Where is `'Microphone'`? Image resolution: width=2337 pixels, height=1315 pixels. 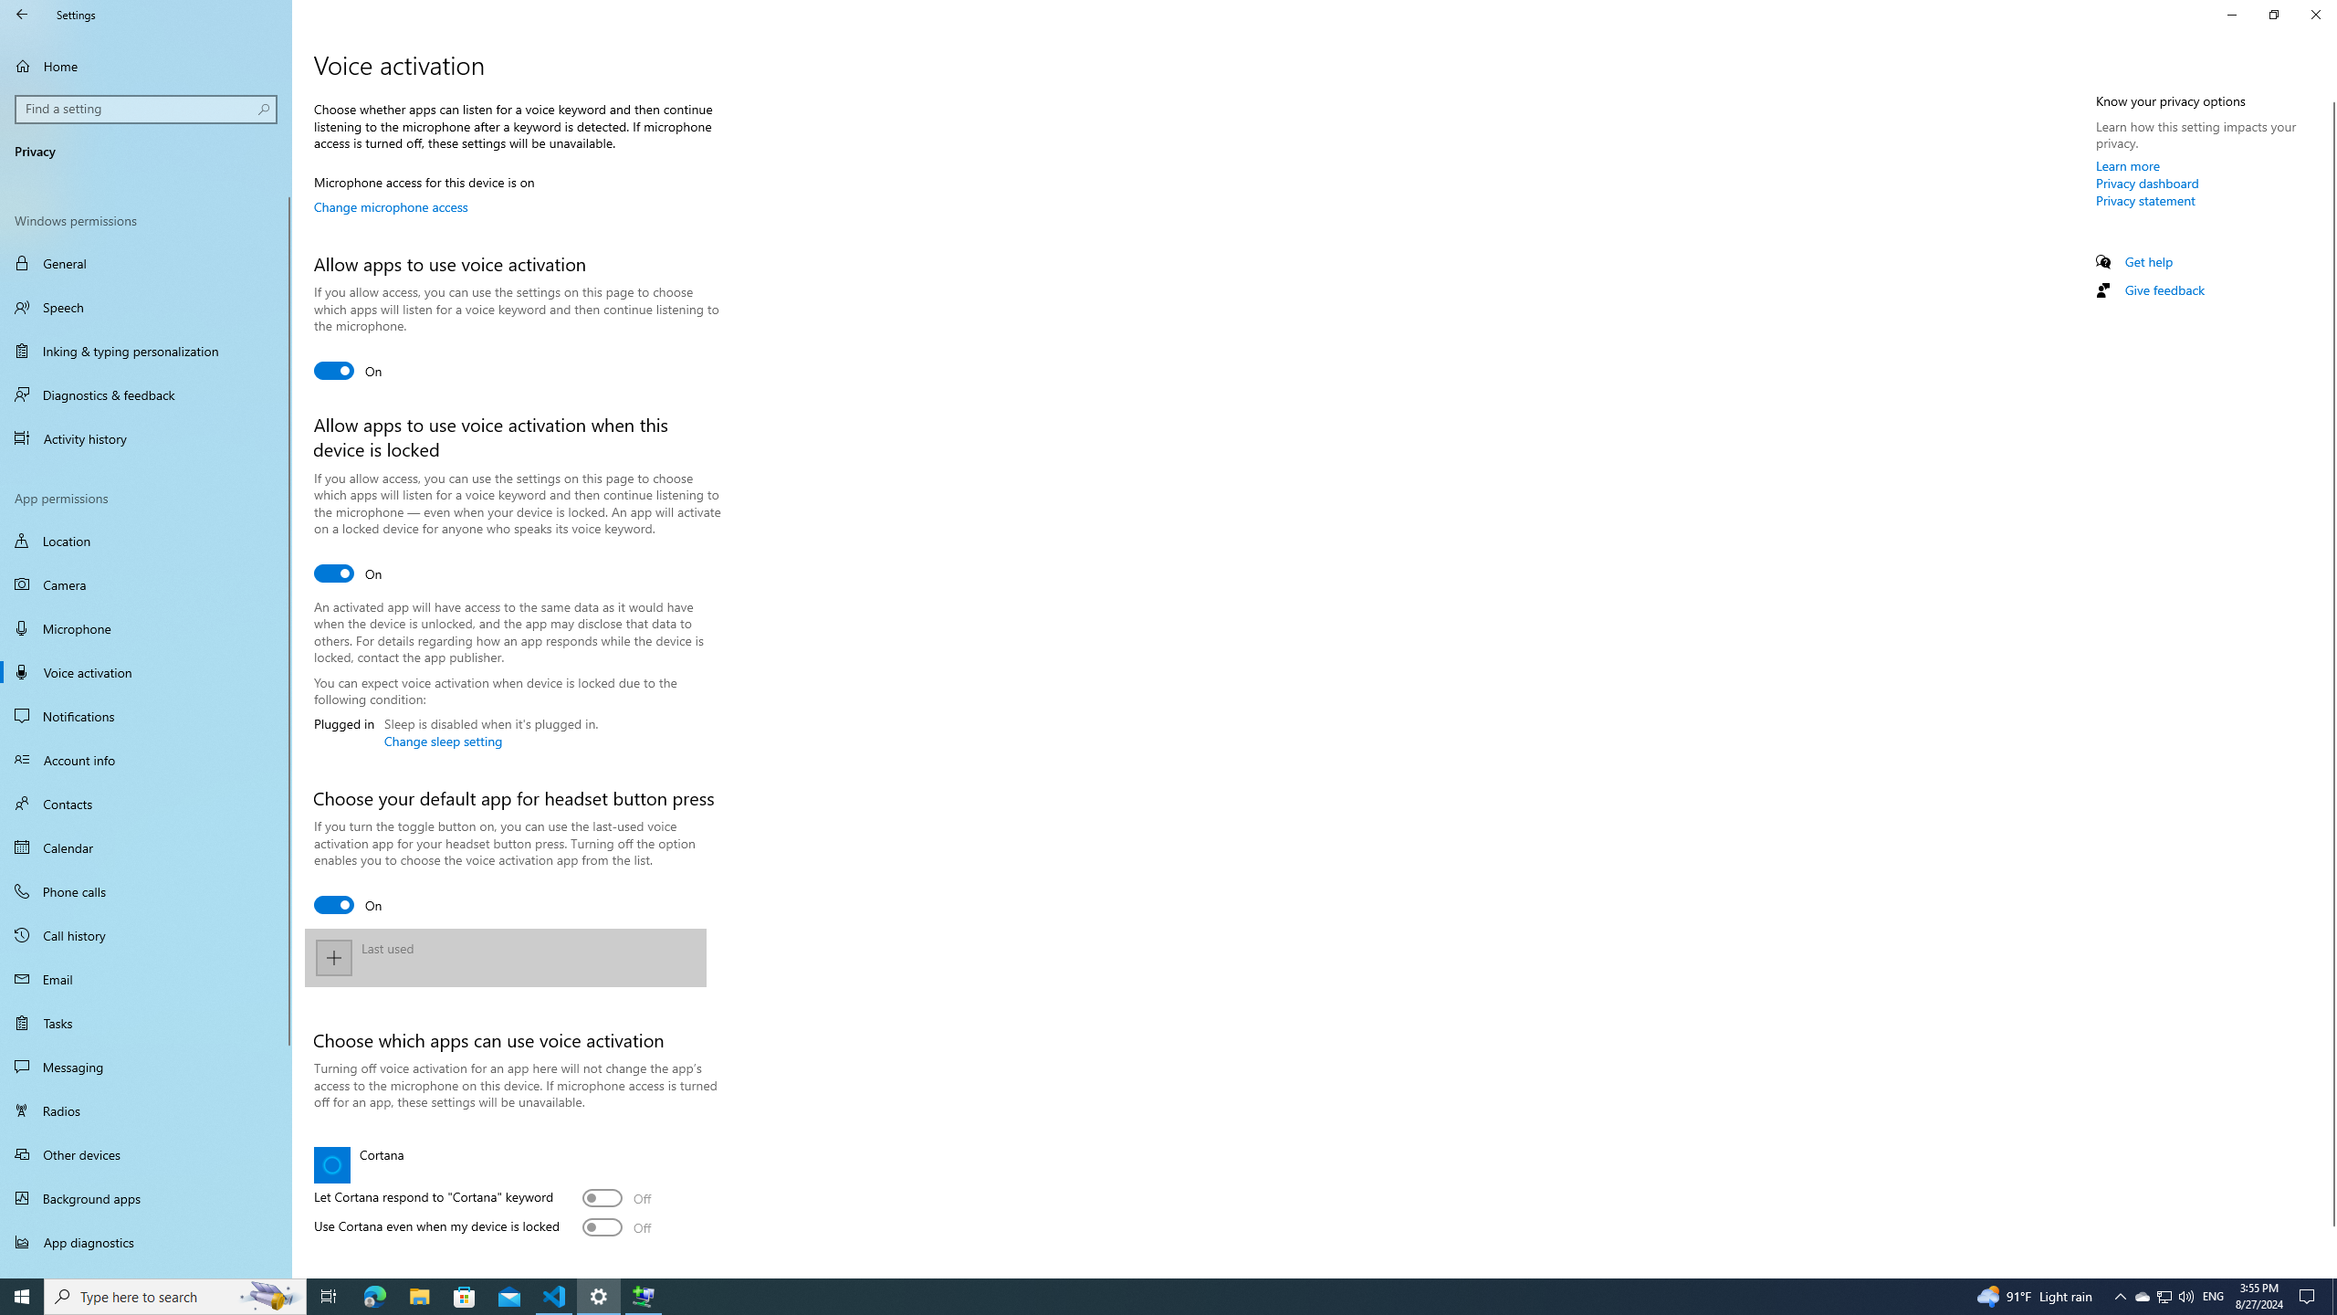
'Microphone' is located at coordinates (145, 626).